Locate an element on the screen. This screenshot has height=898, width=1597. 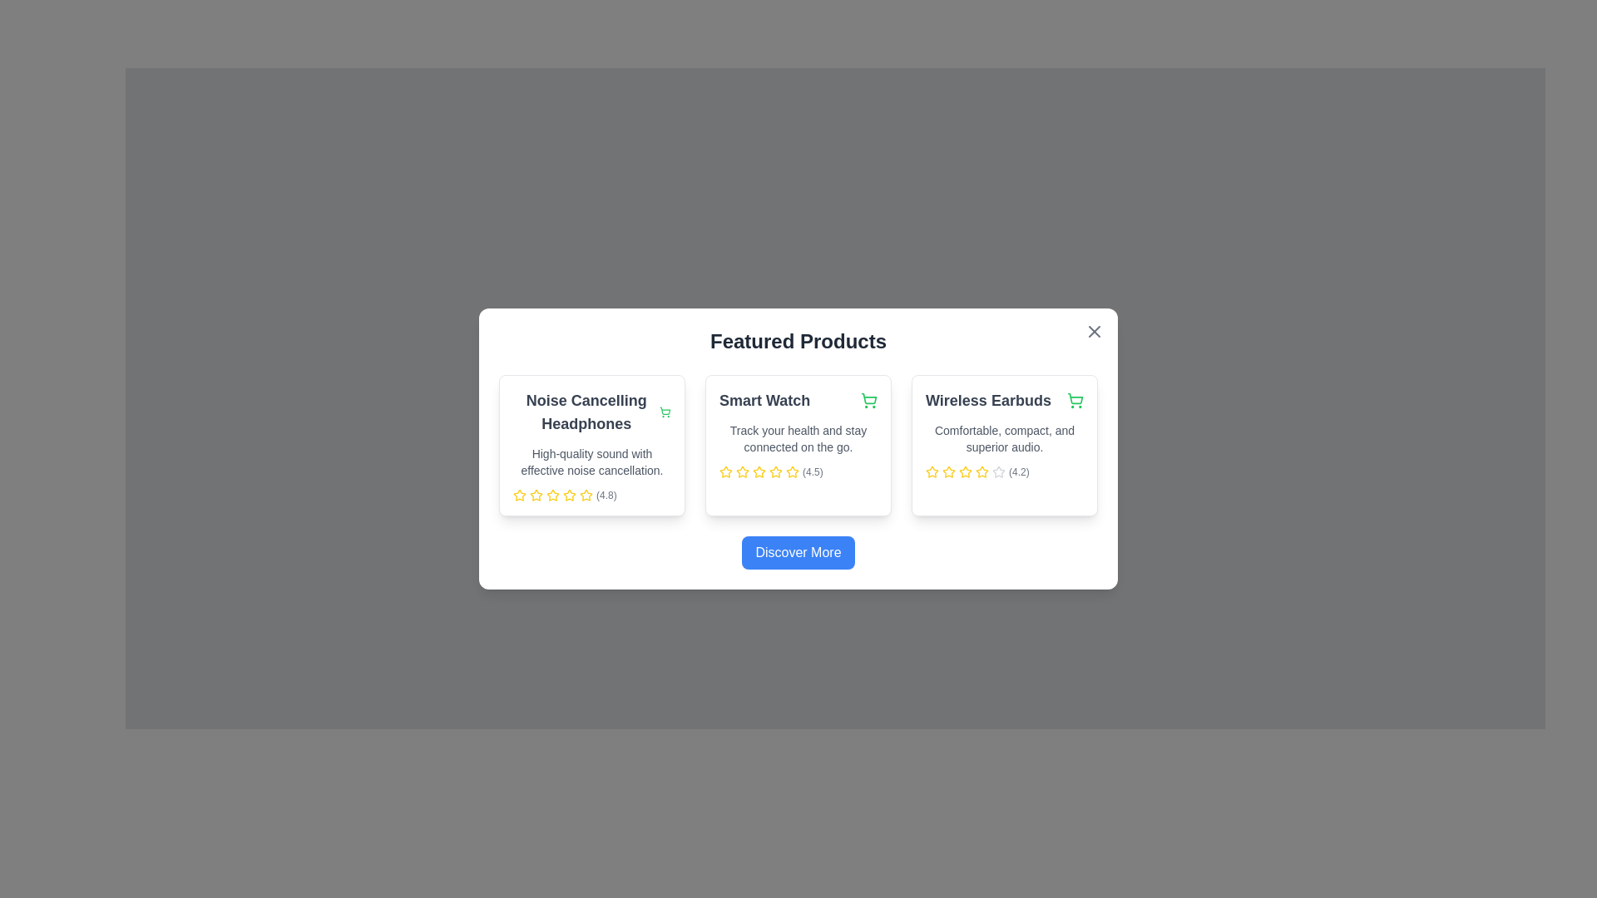
the yellow star-shaped icon representing the first rating in the rating system for the 'Wireless Earbuds' product card to interact with the rating is located at coordinates (948, 471).